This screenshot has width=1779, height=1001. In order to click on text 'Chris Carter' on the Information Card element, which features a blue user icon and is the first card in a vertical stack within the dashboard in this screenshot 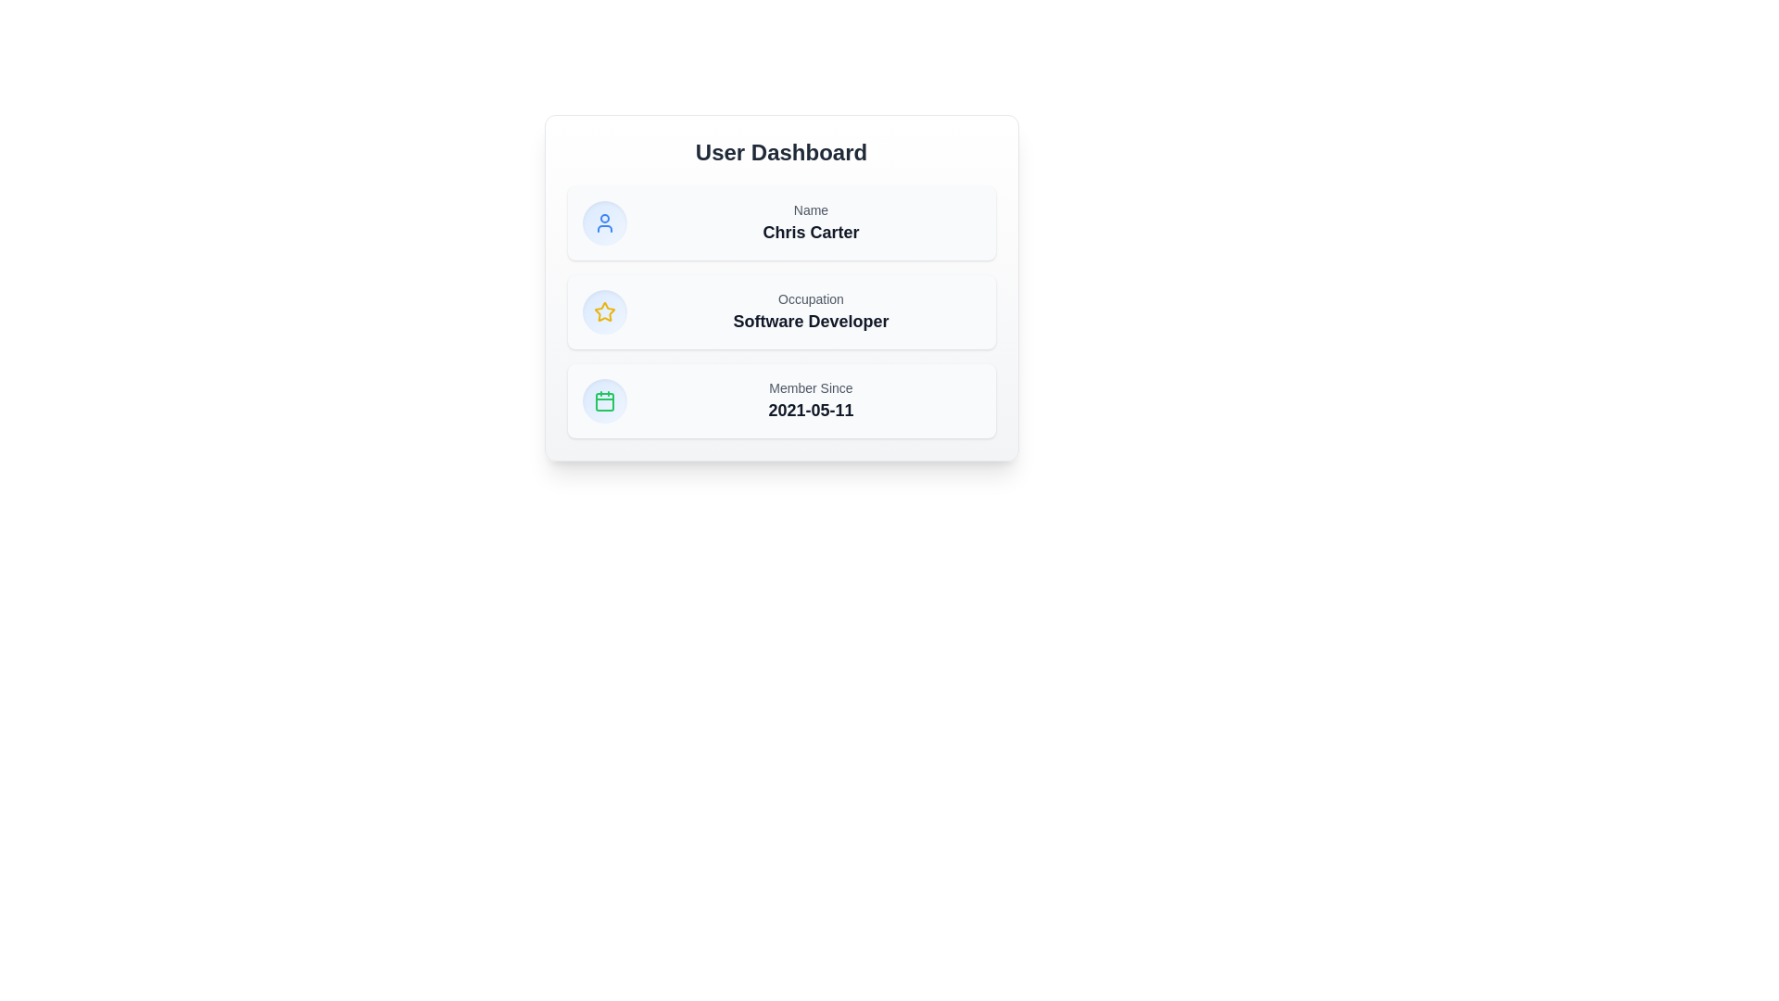, I will do `click(781, 222)`.